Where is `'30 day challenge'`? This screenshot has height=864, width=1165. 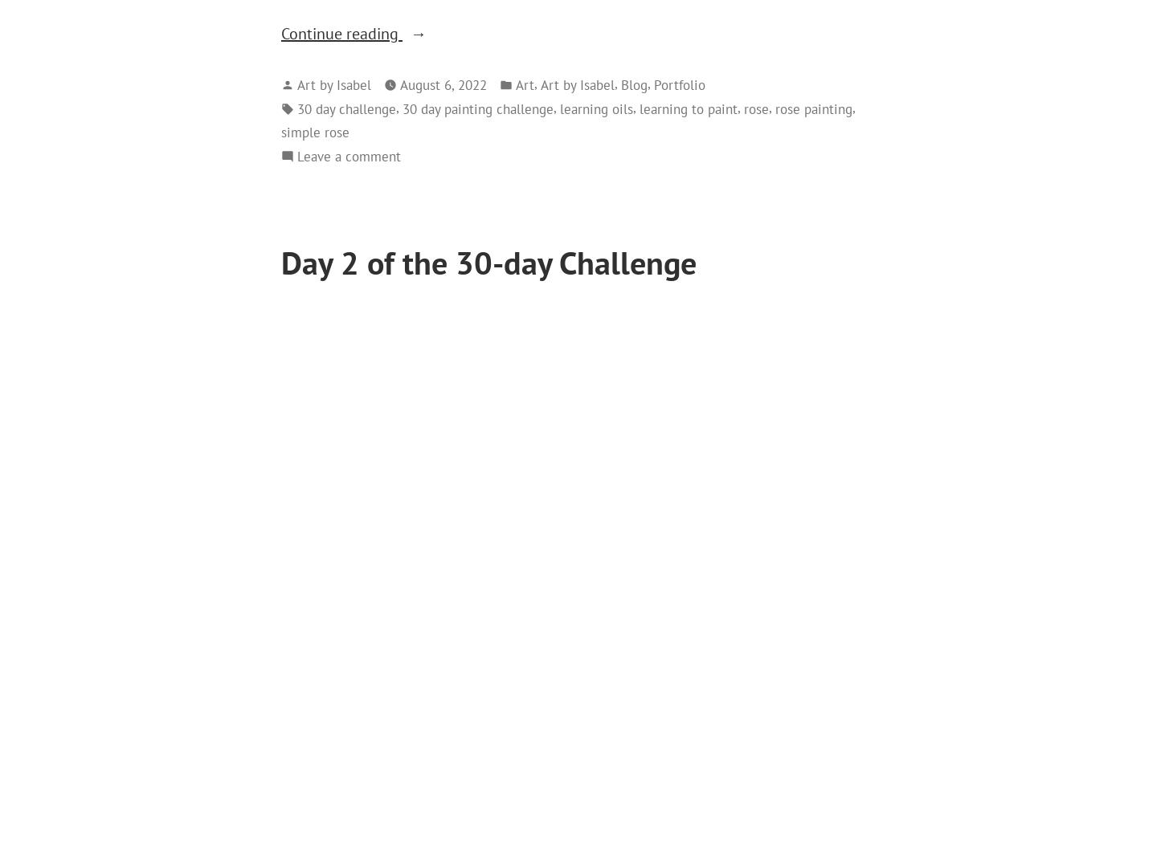 '30 day challenge' is located at coordinates (345, 107).